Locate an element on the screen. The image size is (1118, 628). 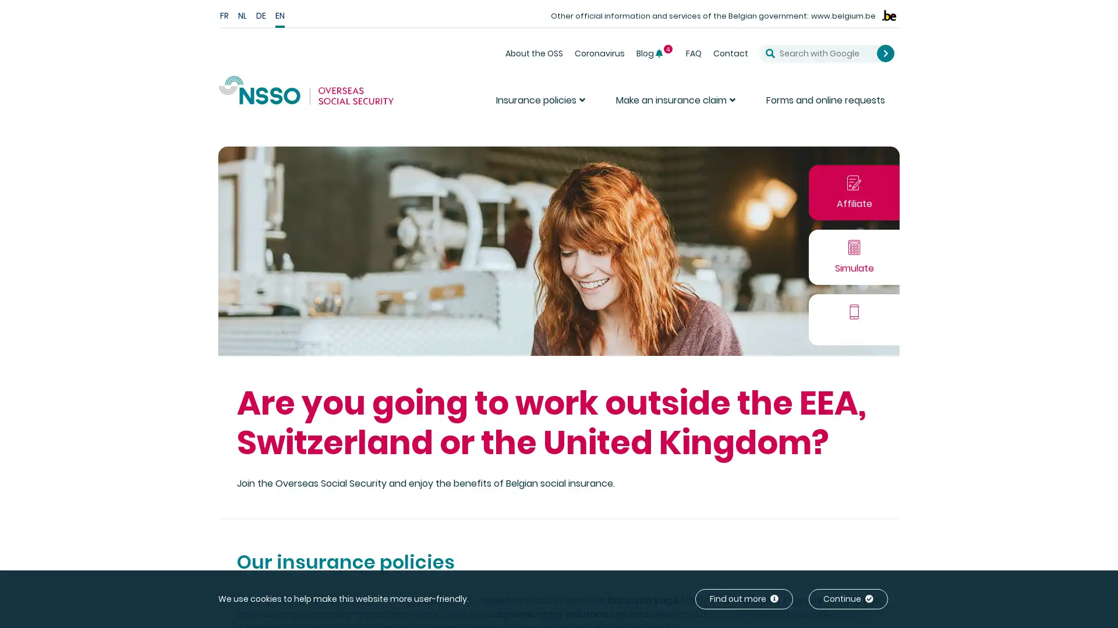
As a private individual is located at coordinates (952, 201).